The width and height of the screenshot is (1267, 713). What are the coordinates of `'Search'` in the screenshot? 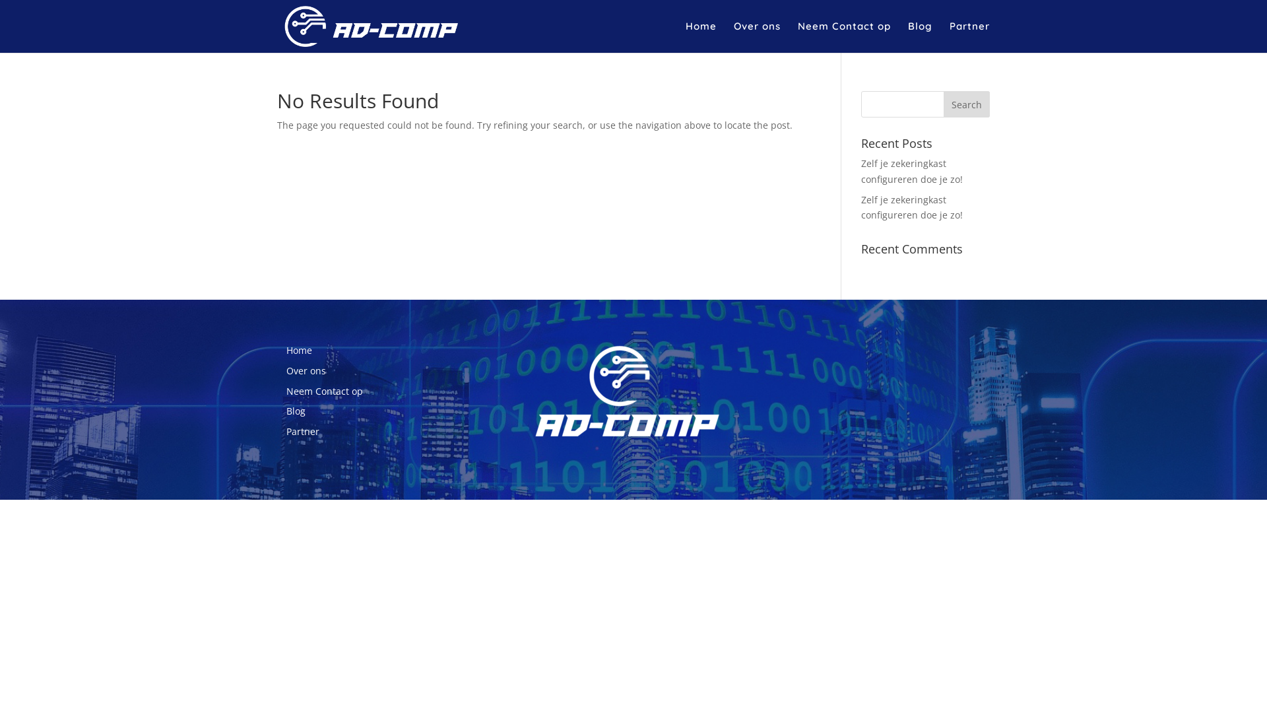 It's located at (966, 104).